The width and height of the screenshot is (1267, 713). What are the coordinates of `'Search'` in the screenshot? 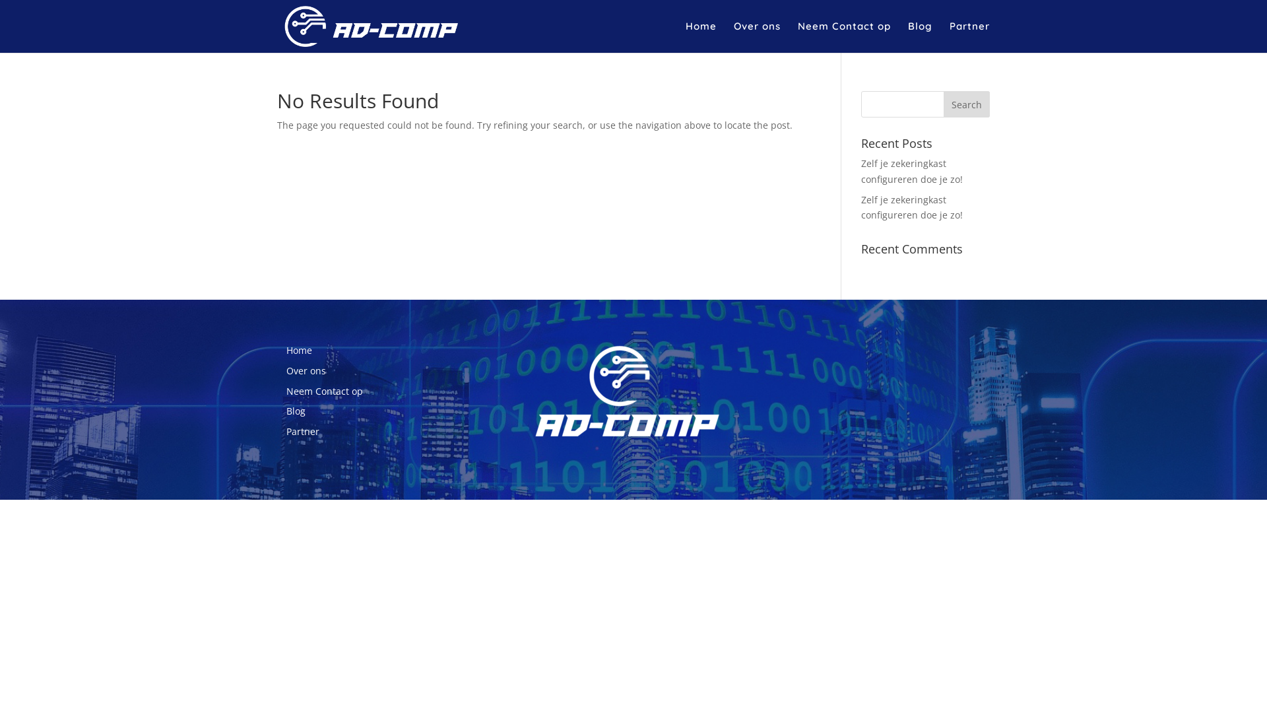 It's located at (966, 104).